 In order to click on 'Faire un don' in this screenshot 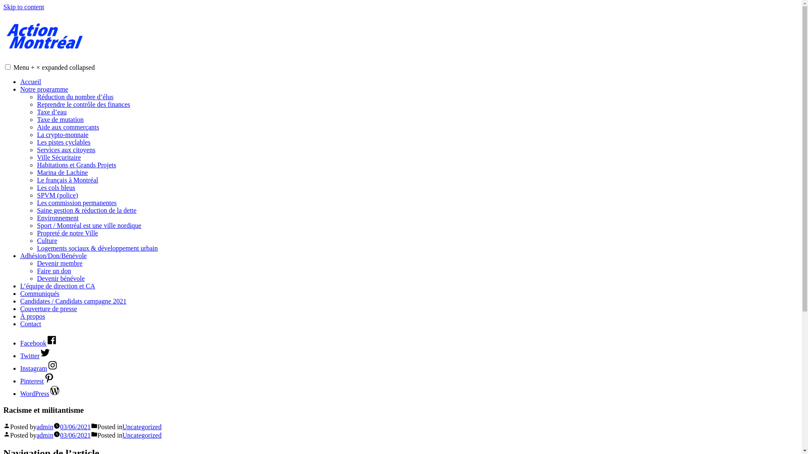, I will do `click(53, 271)`.